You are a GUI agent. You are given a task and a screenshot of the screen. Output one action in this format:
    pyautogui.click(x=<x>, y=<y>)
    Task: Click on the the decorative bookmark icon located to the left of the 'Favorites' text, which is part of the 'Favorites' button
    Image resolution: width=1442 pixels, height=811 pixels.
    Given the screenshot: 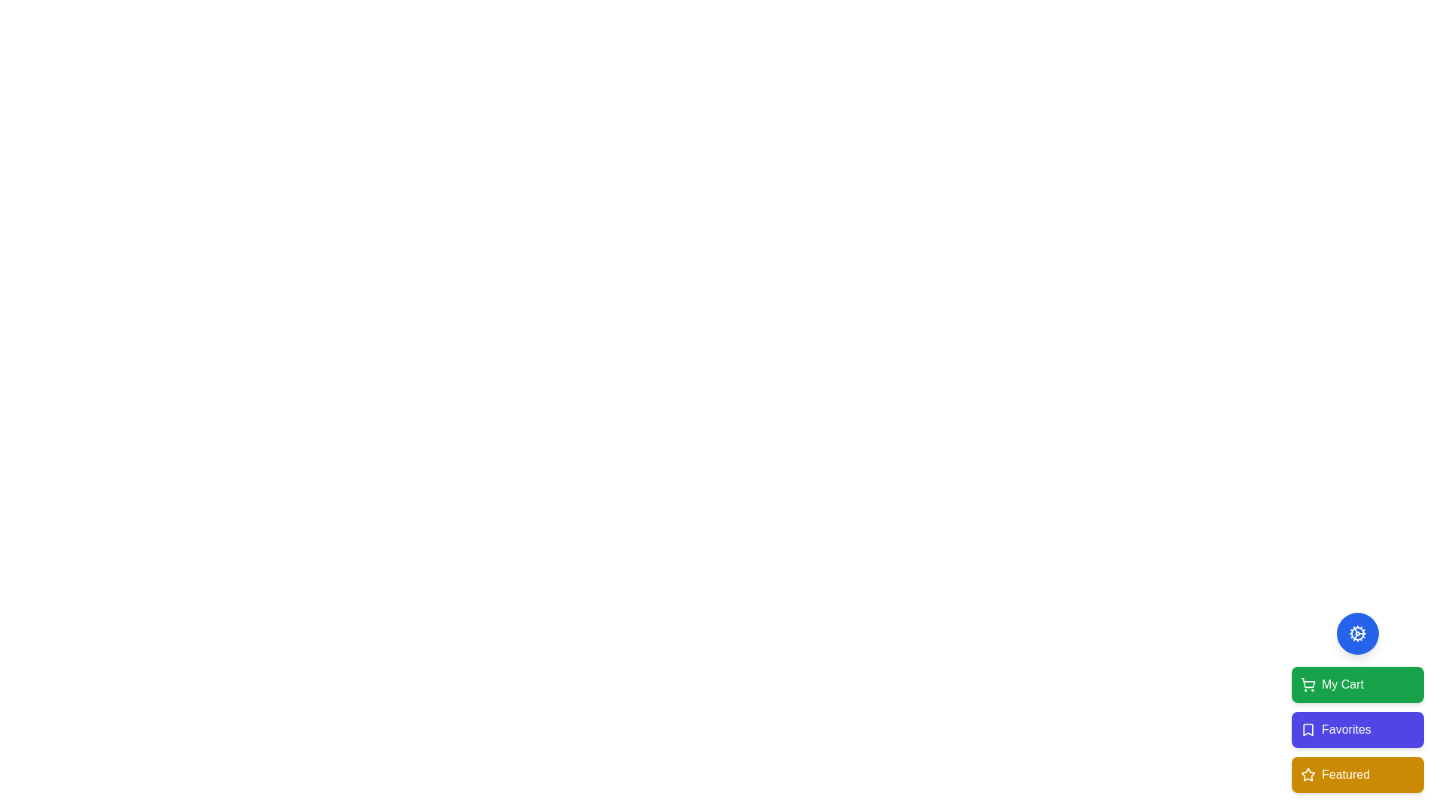 What is the action you would take?
    pyautogui.click(x=1308, y=729)
    